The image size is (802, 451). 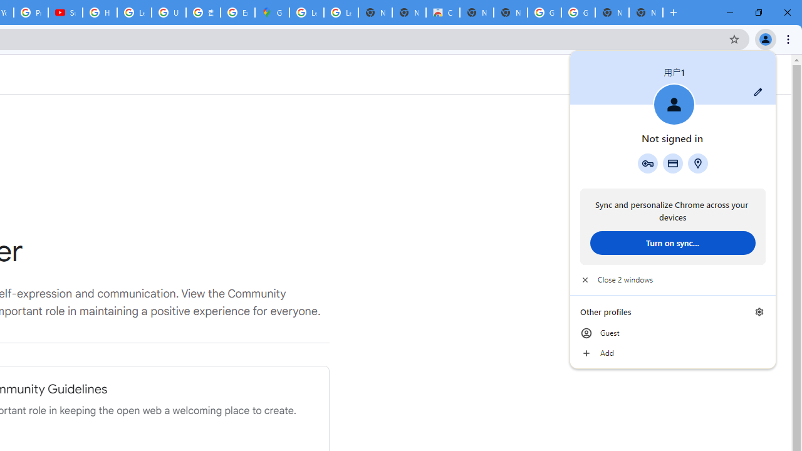 I want to click on 'Close 2 windows', so click(x=672, y=279).